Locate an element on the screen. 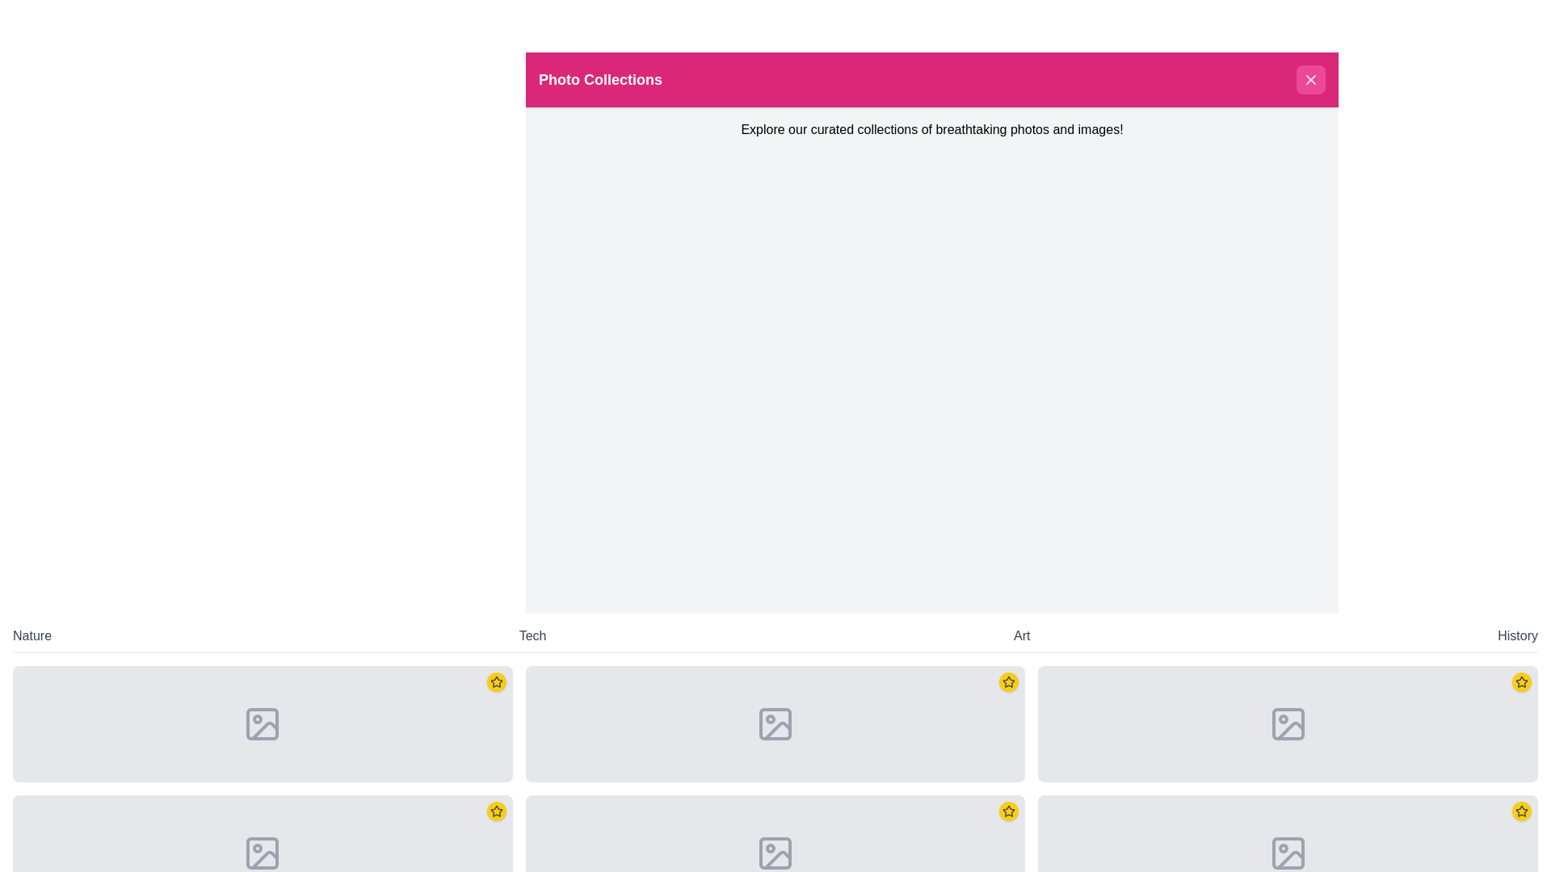 This screenshot has width=1551, height=872. the light gray rectangular icon placeholder located in the fourth column of the second row within the grid layout is located at coordinates (775, 852).